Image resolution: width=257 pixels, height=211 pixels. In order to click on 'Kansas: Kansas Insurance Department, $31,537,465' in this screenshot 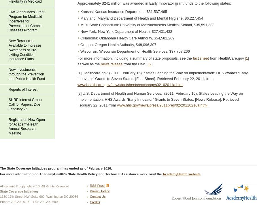, I will do `click(123, 11)`.